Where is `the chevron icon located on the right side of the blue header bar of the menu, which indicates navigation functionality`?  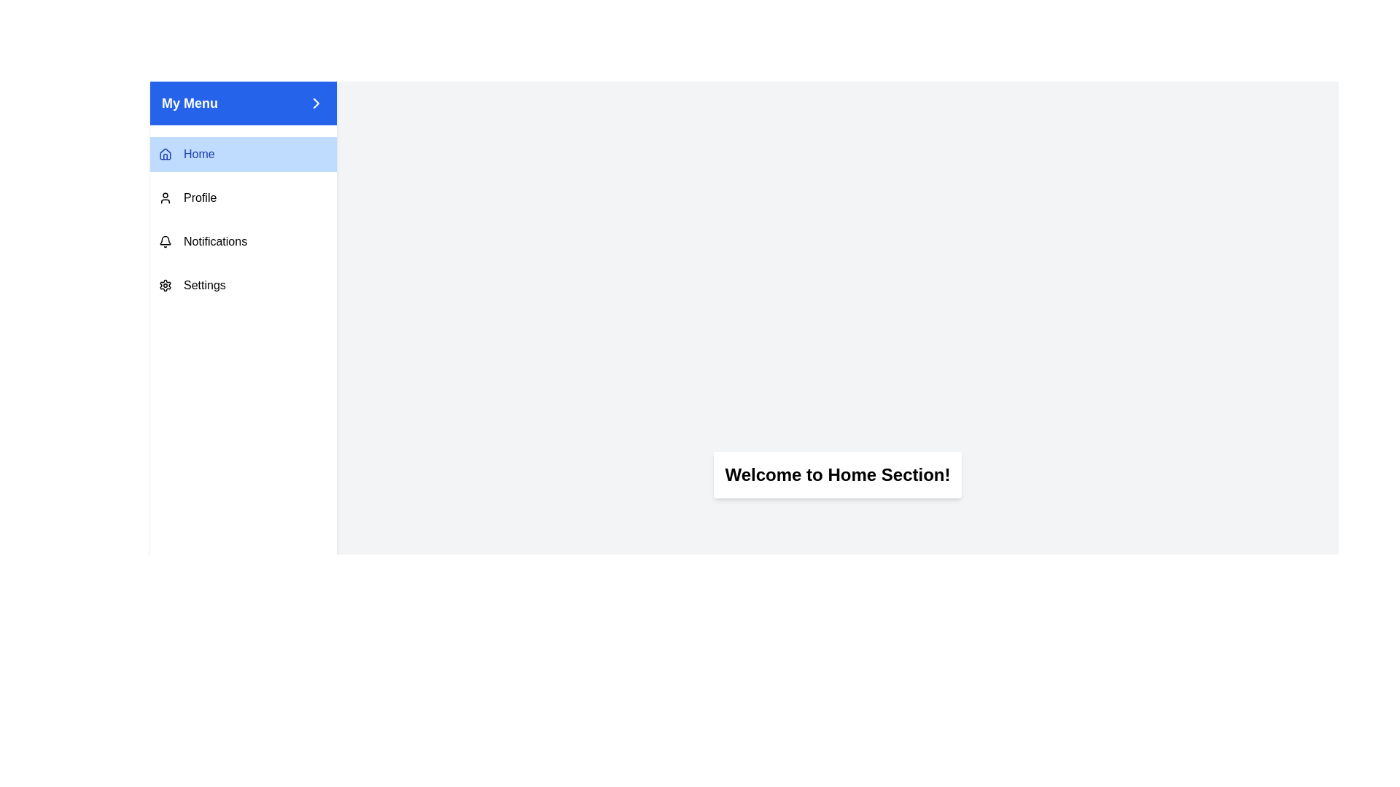 the chevron icon located on the right side of the blue header bar of the menu, which indicates navigation functionality is located at coordinates (315, 103).